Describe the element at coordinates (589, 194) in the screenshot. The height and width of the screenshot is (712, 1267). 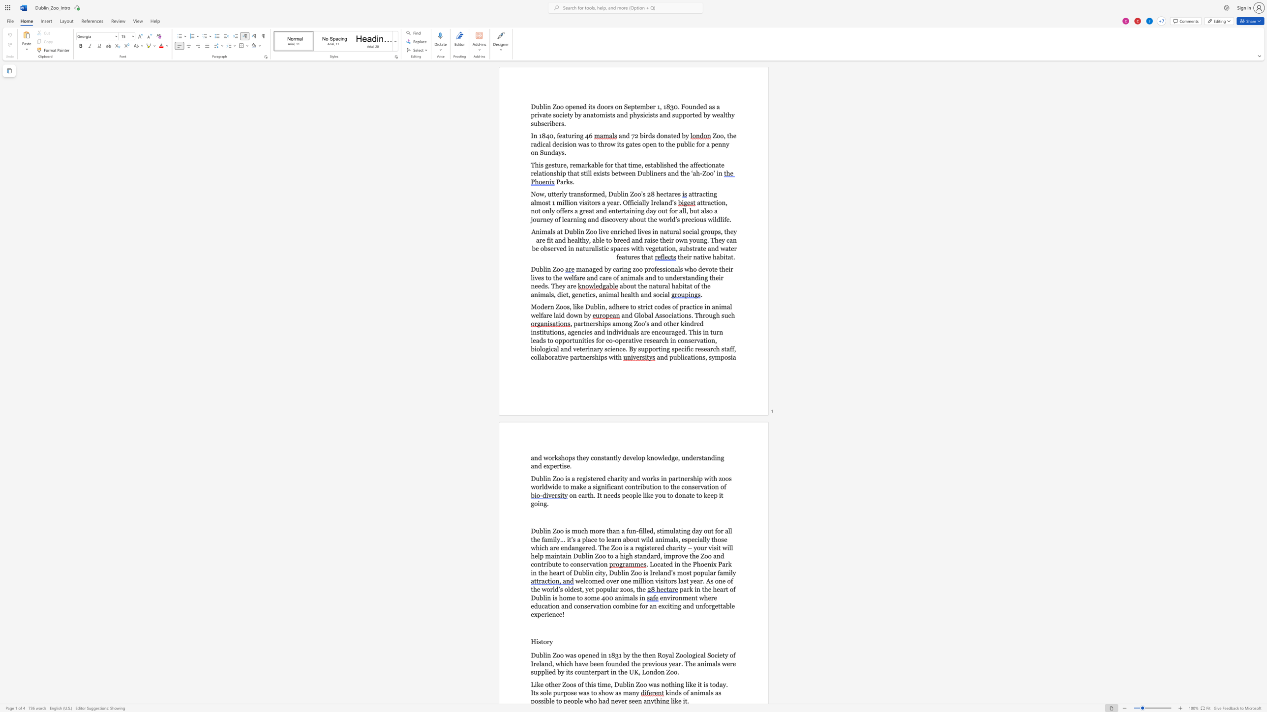
I see `the space between the continuous character "o" and "r" in the text` at that location.